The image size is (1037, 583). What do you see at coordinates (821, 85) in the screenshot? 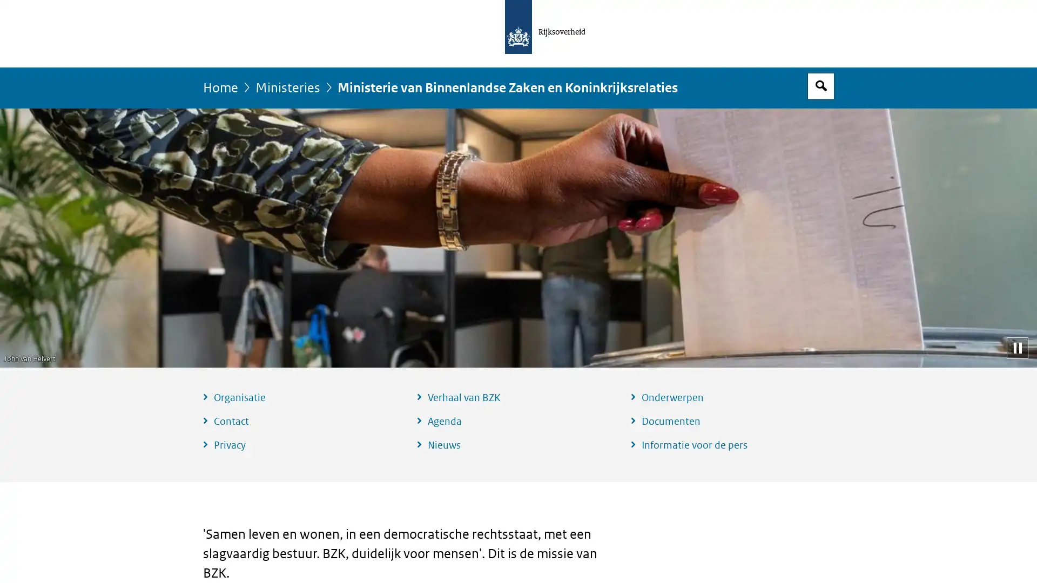
I see `Open zoekveld` at bounding box center [821, 85].